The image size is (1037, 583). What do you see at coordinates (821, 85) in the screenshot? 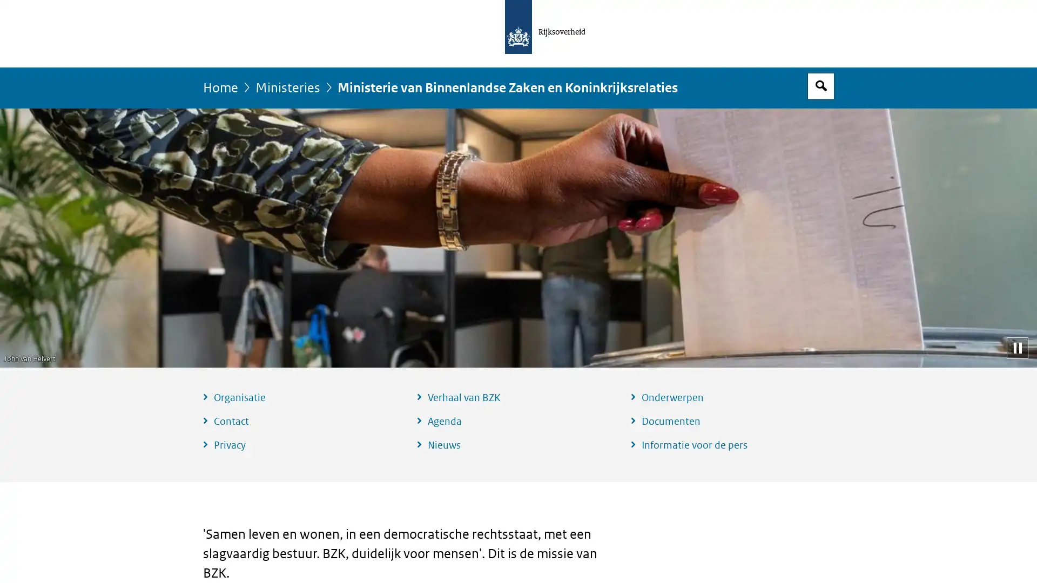
I see `Open zoekveld` at bounding box center [821, 85].